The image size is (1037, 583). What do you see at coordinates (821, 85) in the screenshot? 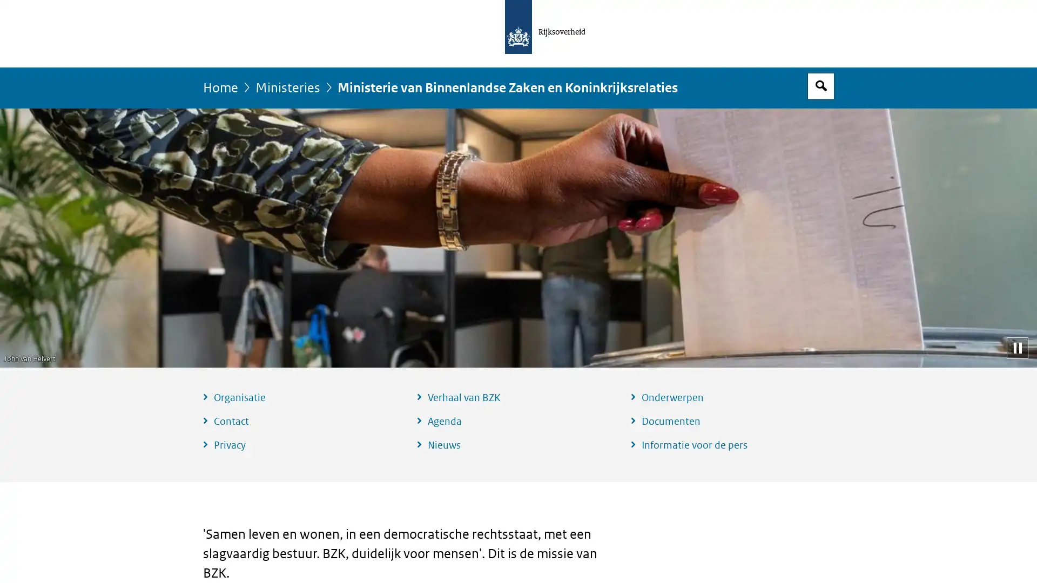
I see `Open zoekveld` at bounding box center [821, 85].